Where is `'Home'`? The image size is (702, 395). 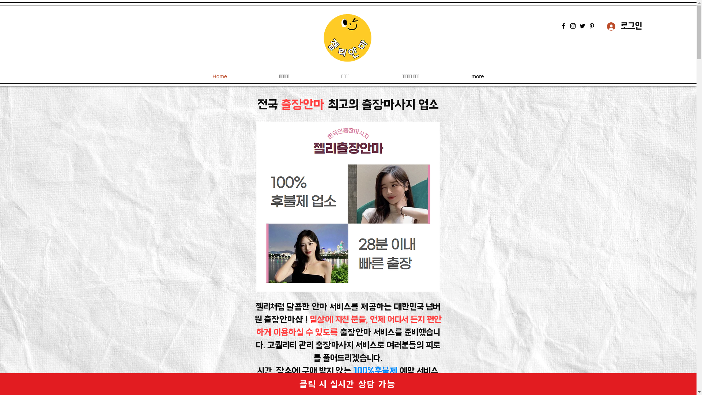 'Home' is located at coordinates (219, 76).